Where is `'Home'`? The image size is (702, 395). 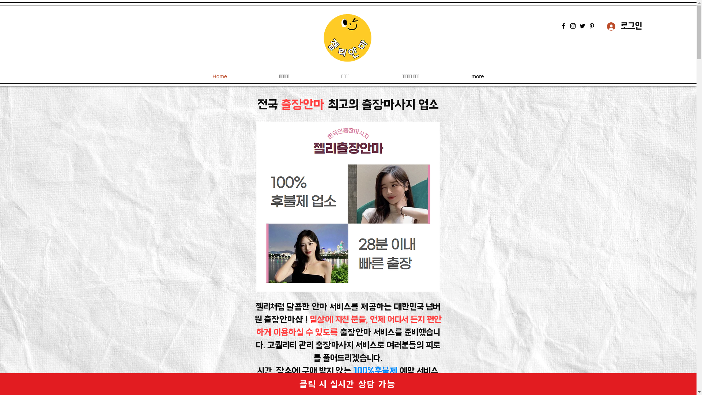 'Home' is located at coordinates (219, 76).